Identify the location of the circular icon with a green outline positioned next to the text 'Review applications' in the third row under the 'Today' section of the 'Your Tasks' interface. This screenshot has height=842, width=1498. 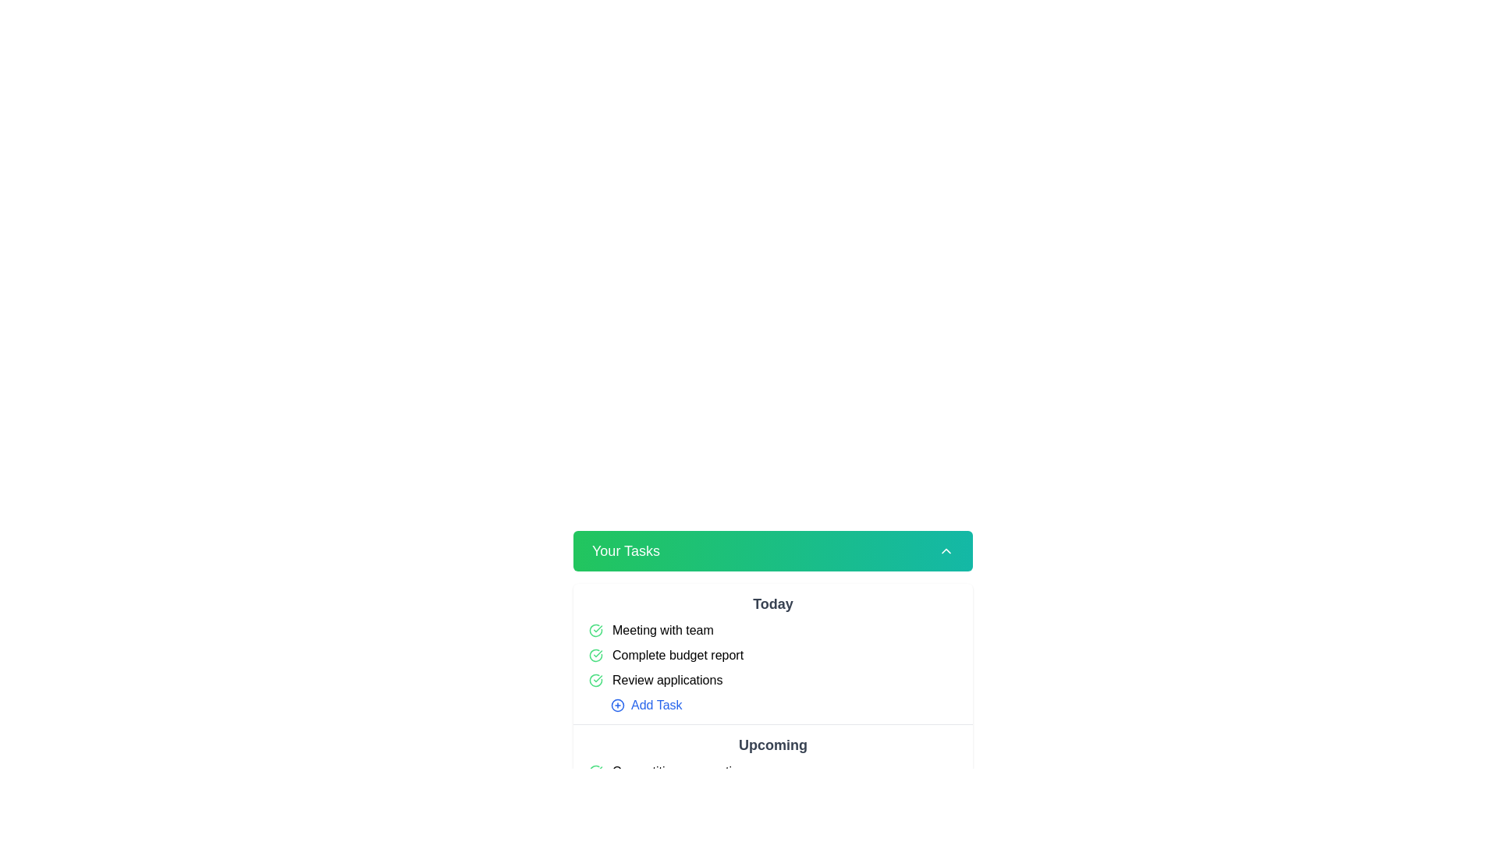
(595, 679).